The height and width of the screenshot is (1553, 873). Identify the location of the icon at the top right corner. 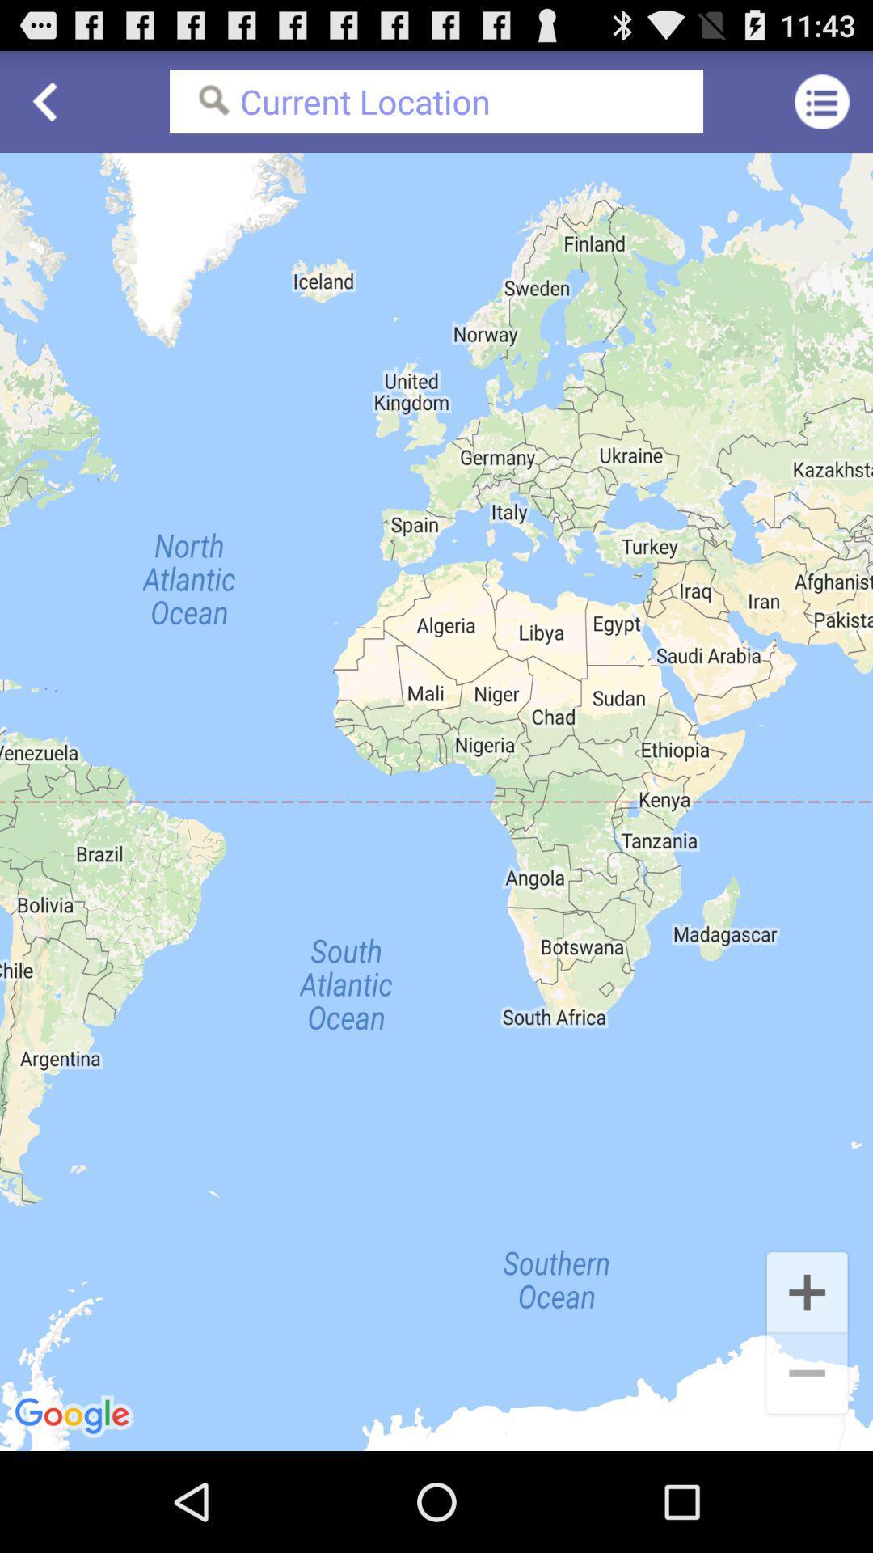
(822, 100).